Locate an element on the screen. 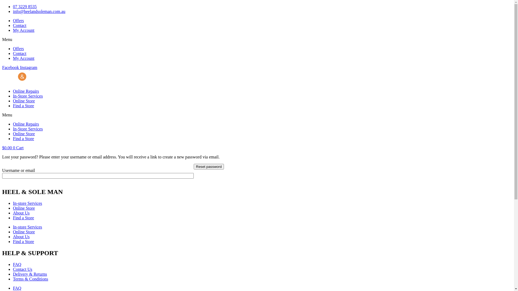  'Contact Us' is located at coordinates (13, 269).